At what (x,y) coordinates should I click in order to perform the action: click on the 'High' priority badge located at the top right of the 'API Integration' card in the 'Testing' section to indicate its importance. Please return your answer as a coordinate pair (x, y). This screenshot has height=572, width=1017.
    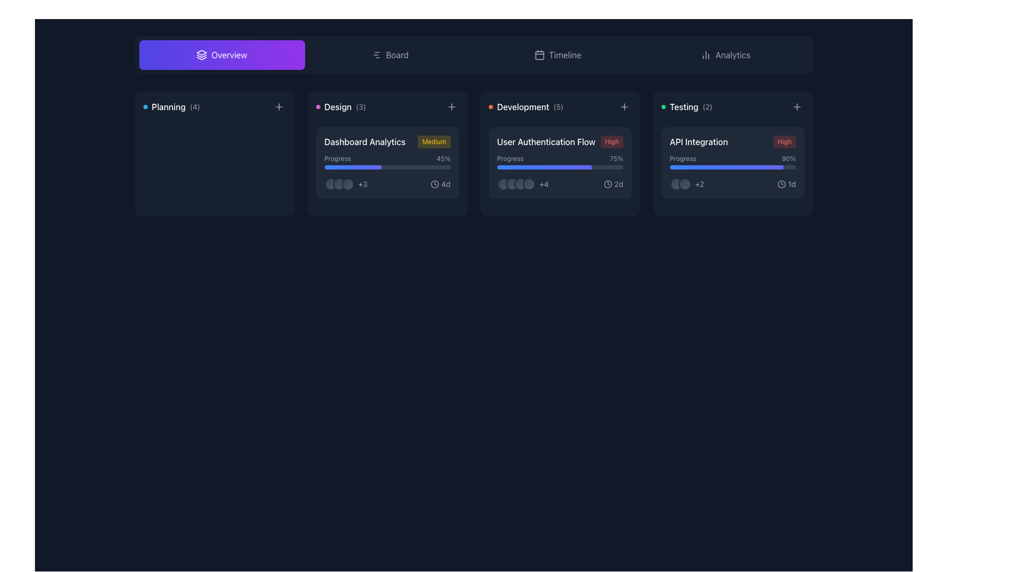
    Looking at the image, I should click on (784, 141).